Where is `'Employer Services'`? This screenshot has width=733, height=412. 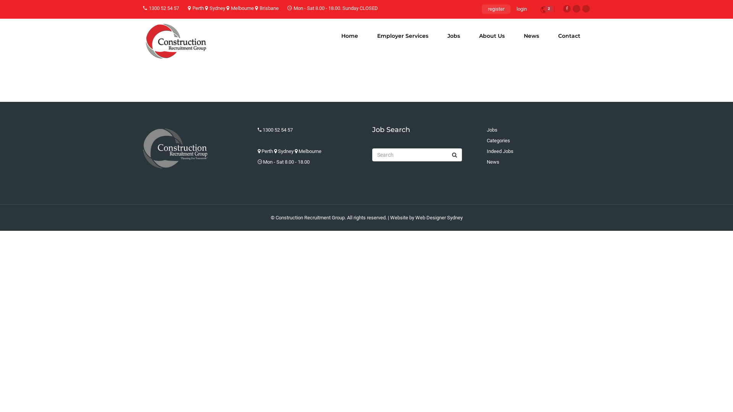
'Employer Services' is located at coordinates (402, 35).